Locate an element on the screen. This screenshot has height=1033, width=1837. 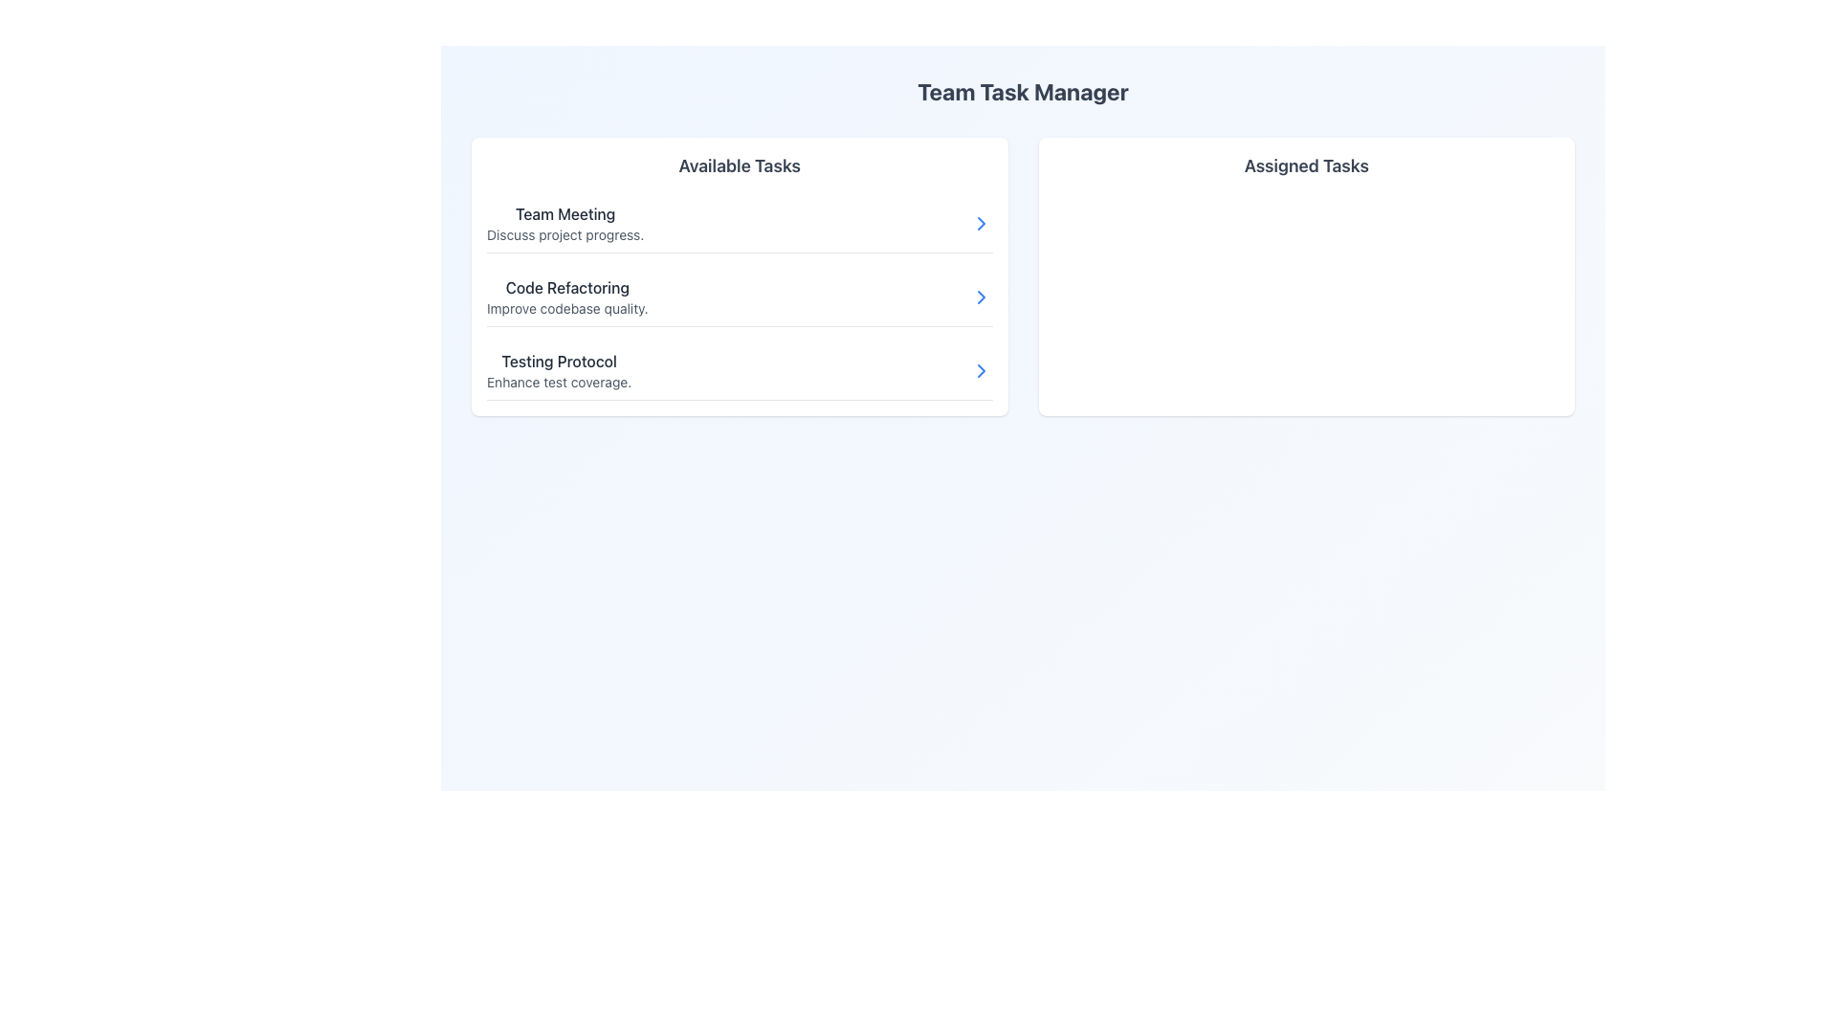
the text label 'Testing Protocol' which is displayed in bold, gray font and serves as a title above 'Enhance test coverage' within the 'Available Tasks' card is located at coordinates (558, 362).